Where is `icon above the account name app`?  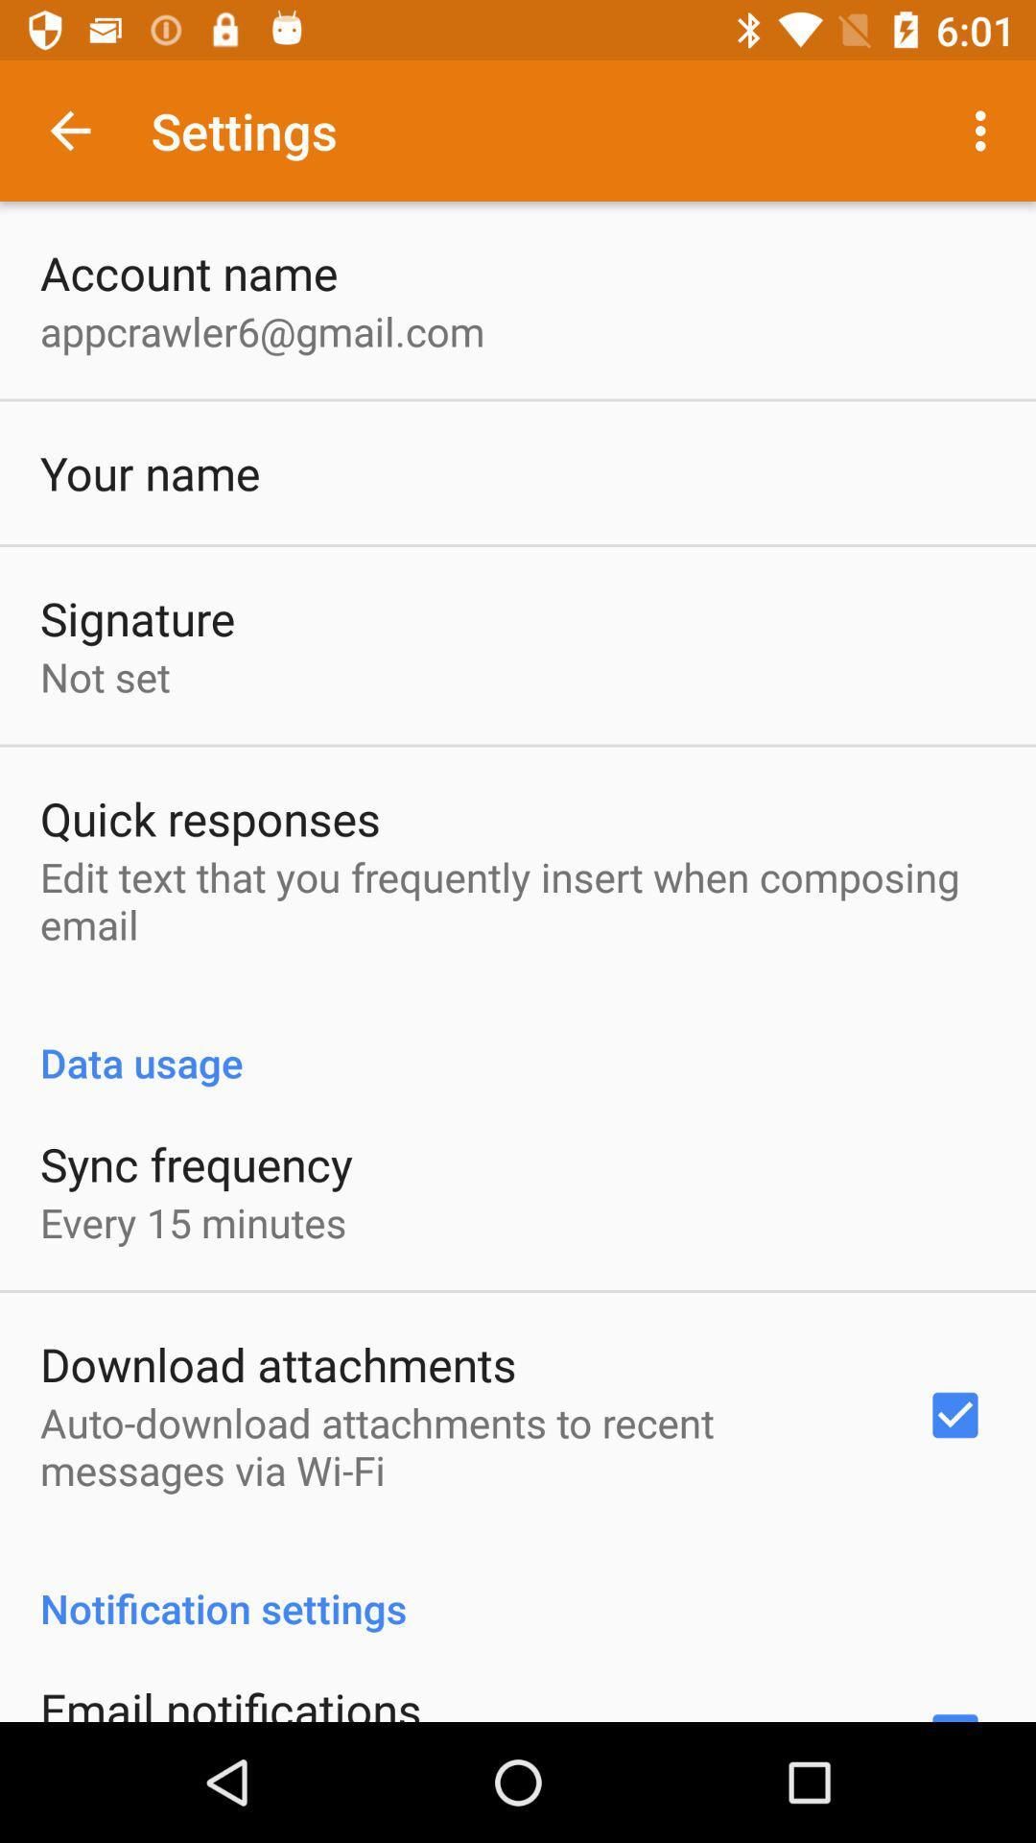 icon above the account name app is located at coordinates (69, 130).